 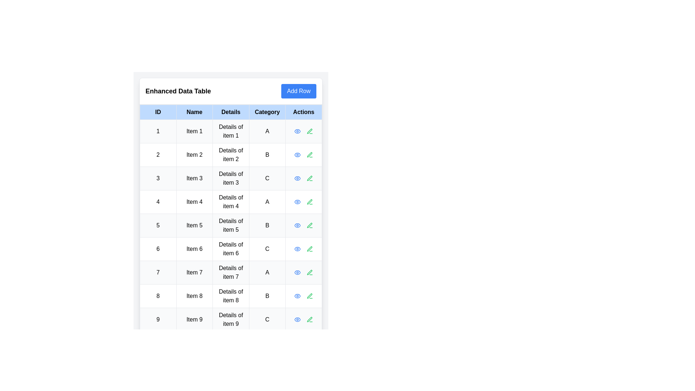 I want to click on the 'view details' button located in the first row of the 'Actions' column in the table, which is the first interactive button before a green pencil-shaped icon, so click(x=298, y=131).